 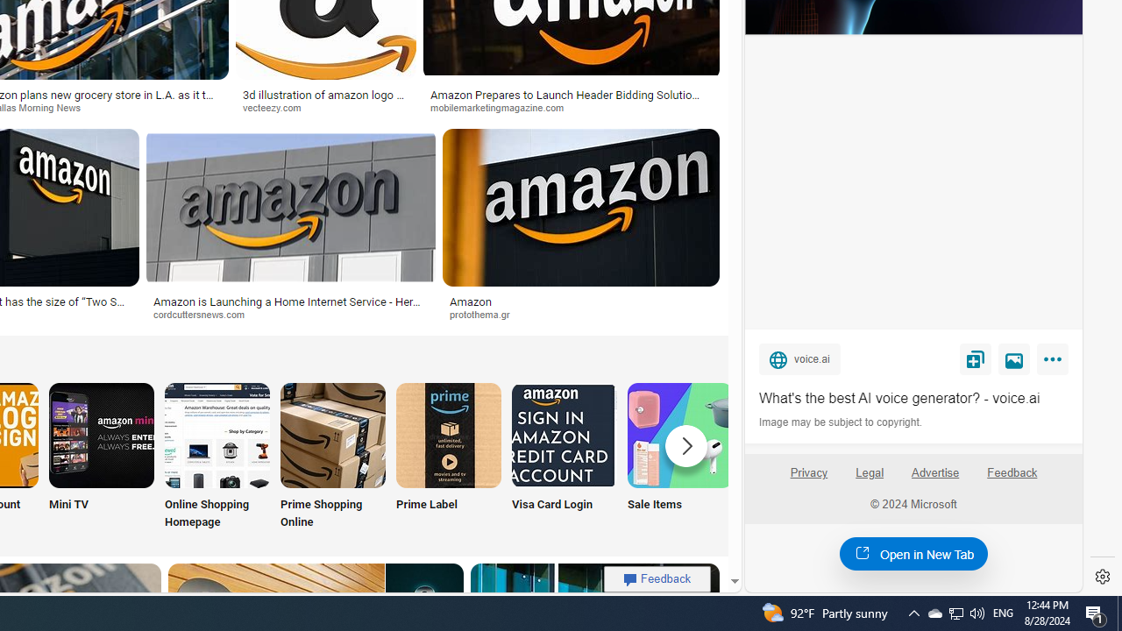 I want to click on 'Amazonprotothema.grSave', so click(x=581, y=228).